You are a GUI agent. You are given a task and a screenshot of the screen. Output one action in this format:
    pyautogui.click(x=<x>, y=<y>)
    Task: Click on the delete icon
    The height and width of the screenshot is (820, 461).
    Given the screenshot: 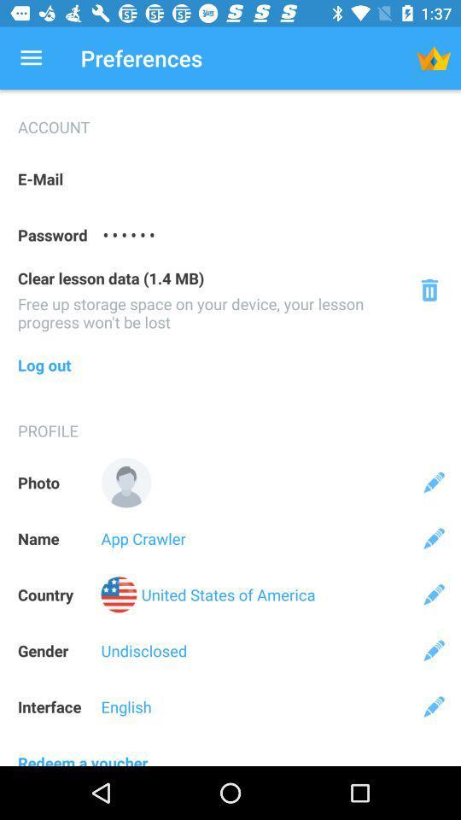 What is the action you would take?
    pyautogui.click(x=429, y=290)
    